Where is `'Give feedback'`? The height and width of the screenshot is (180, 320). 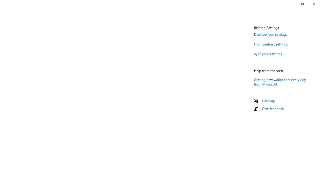
'Give feedback' is located at coordinates (272, 108).